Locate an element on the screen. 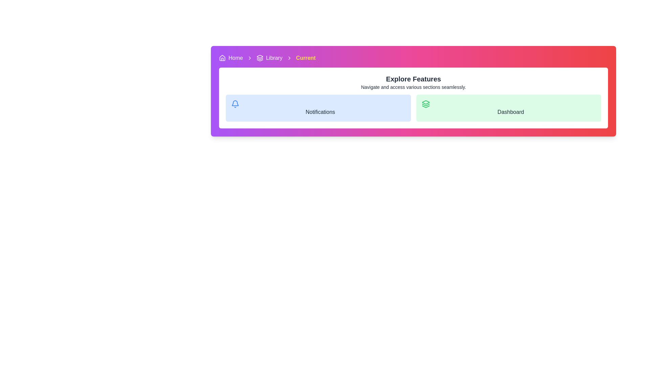 The image size is (650, 365). the Breadcrumb item on the leftmost side of the breadcrumb navigation bar is located at coordinates (231, 58).